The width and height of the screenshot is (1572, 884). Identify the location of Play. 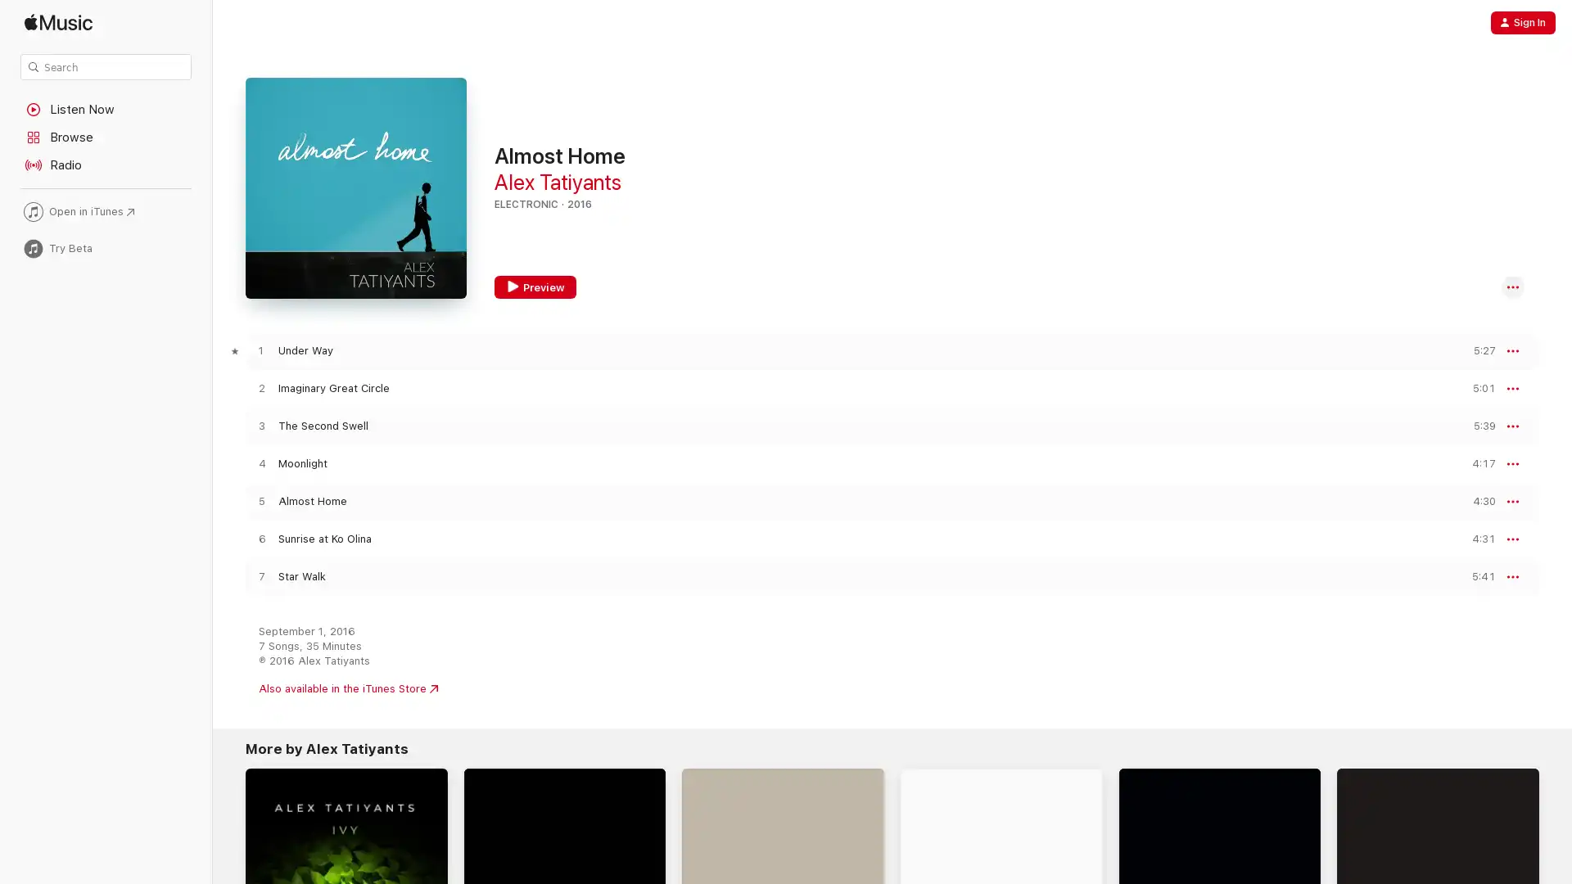
(260, 425).